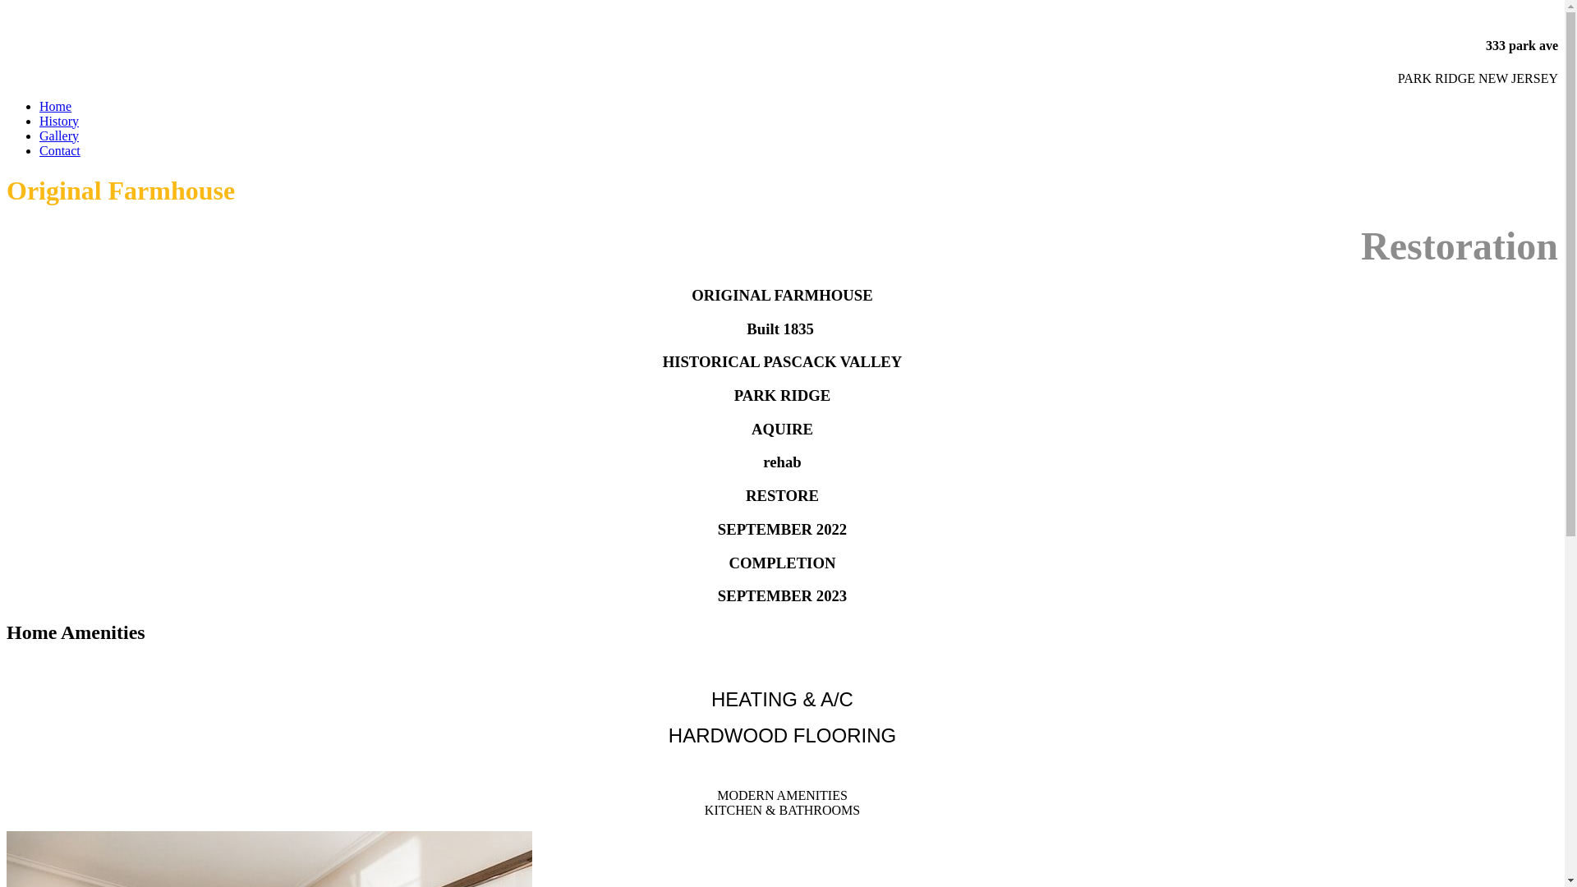 Image resolution: width=1577 pixels, height=887 pixels. I want to click on 'Home', so click(55, 106).